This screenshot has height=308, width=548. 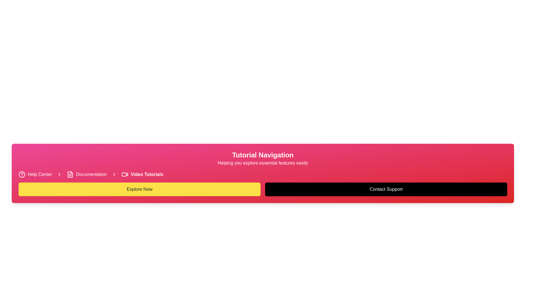 I want to click on the Hyperlink that serves as a navigation link to documentation, located between 'Help Center' and 'Video Tutorials', so click(x=86, y=174).